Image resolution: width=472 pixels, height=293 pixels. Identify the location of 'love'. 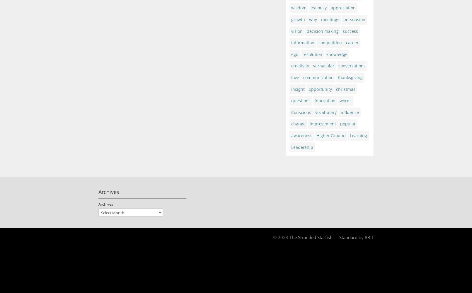
(295, 77).